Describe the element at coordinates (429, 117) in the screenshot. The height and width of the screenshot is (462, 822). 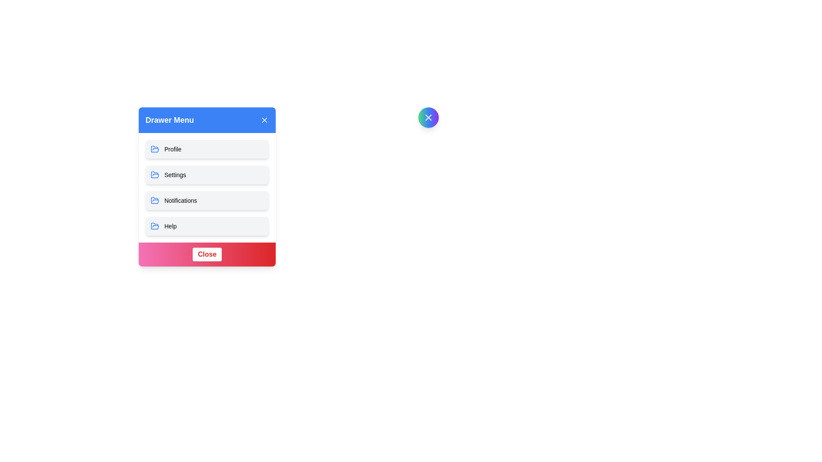
I see `the close button located in the top-right corner of the 'Drawer Menu' modal` at that location.